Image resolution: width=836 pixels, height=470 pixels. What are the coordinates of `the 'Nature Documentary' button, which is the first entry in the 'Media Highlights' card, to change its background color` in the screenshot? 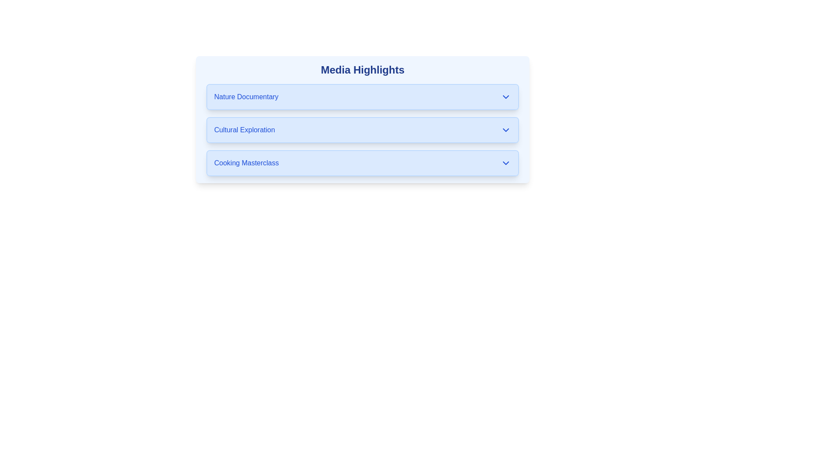 It's located at (363, 97).